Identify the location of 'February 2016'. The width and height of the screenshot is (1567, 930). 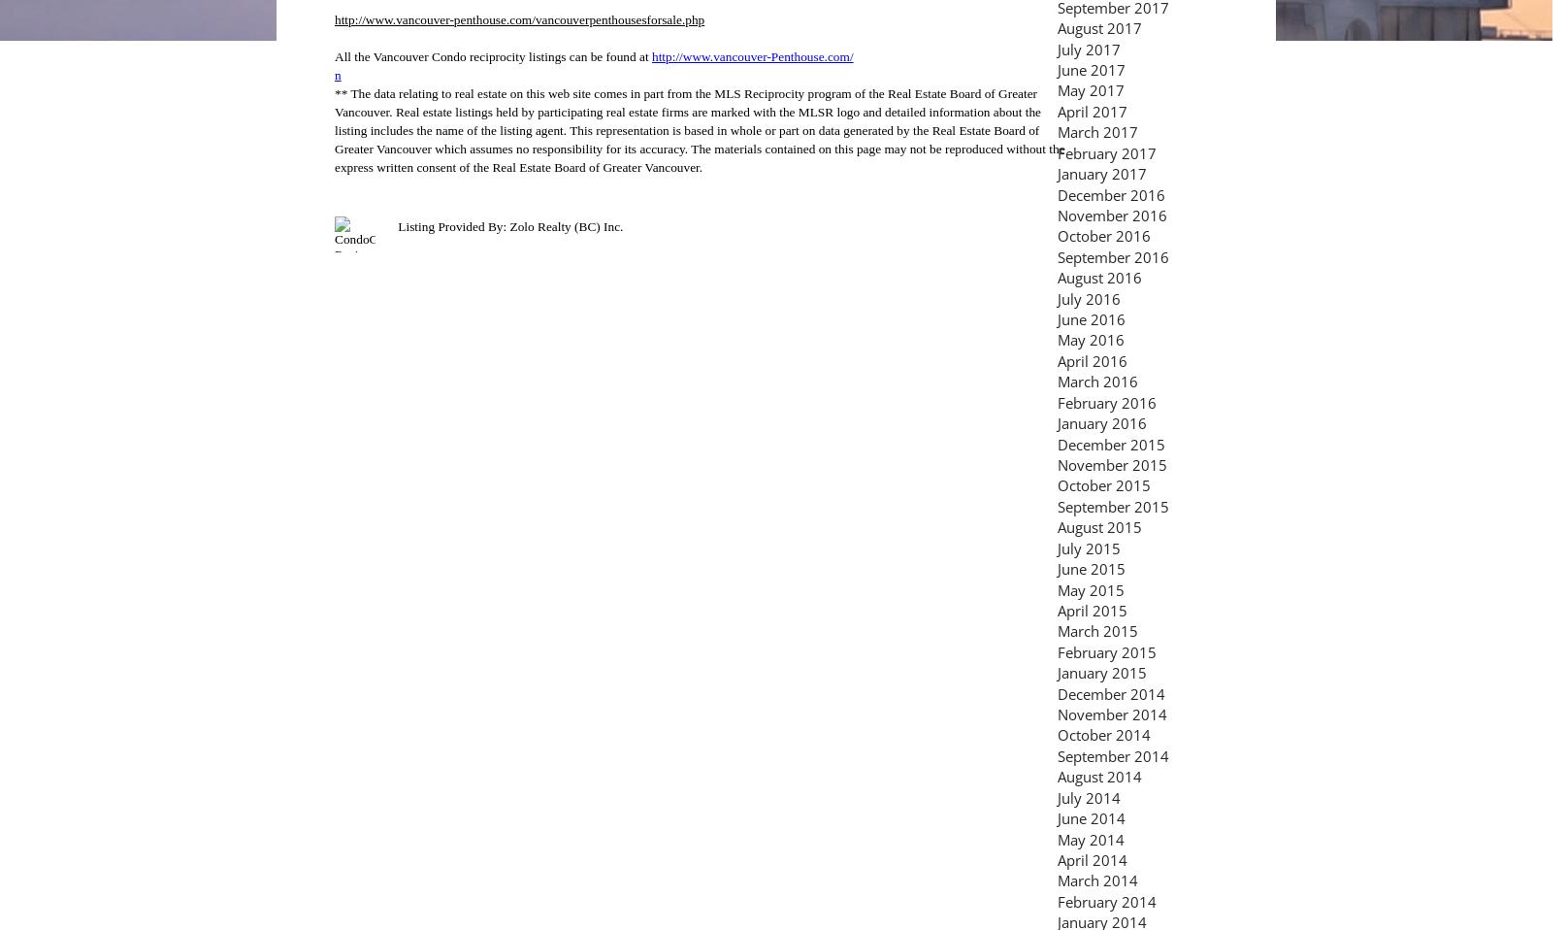
(1106, 402).